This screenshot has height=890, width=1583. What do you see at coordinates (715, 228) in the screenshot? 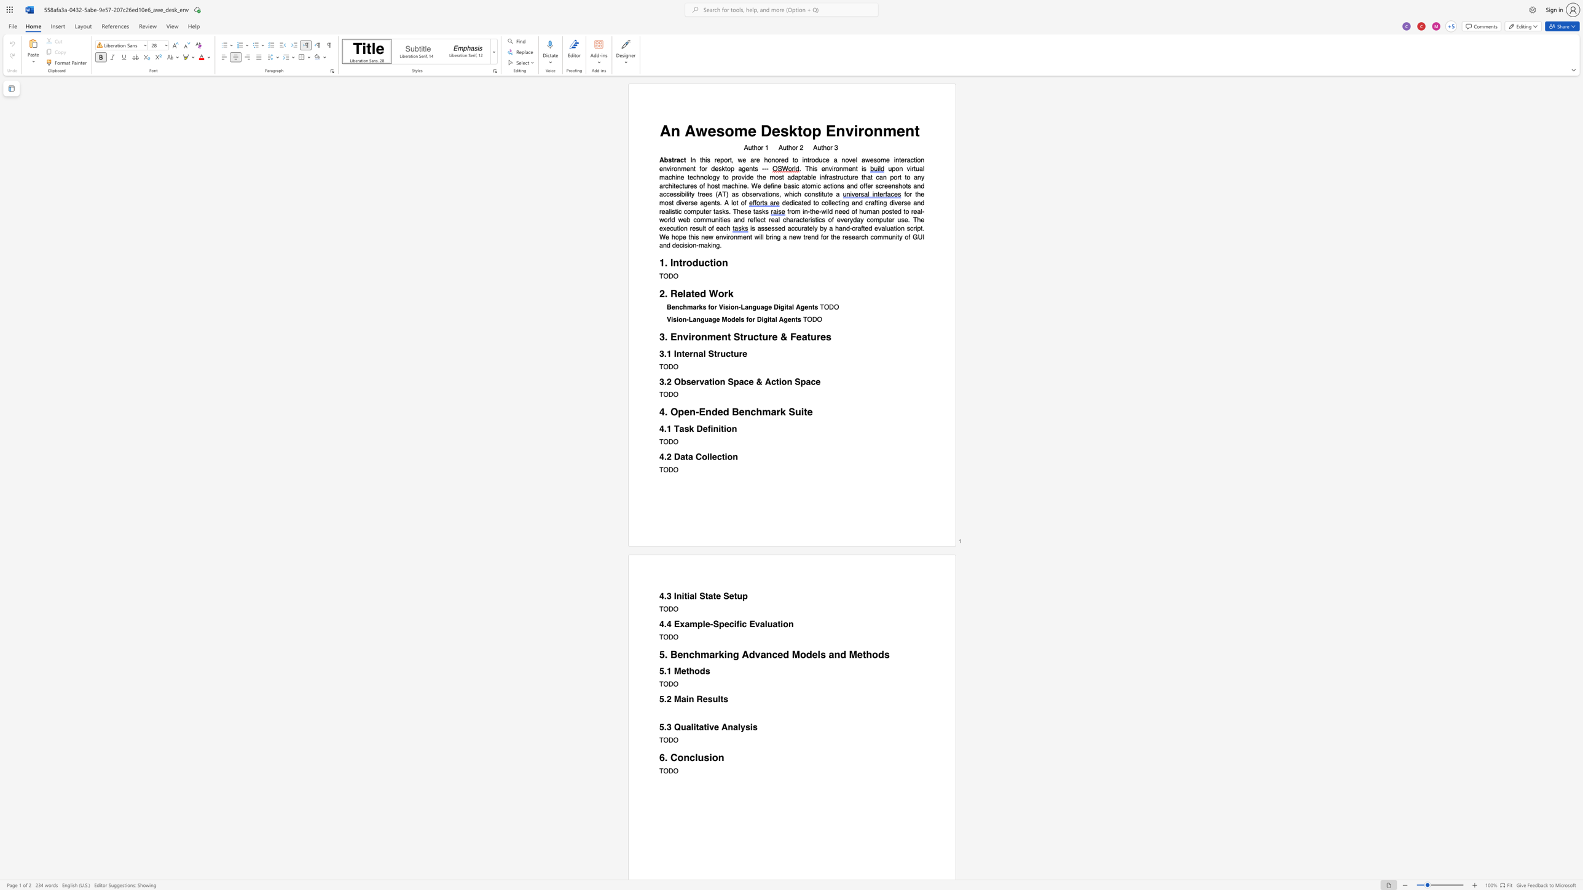
I see `the subset text "each" within the text "from in-the-wild need of human posted to real-world web communities and reflect real characteristics of everyday computer use. The execution result of each"` at bounding box center [715, 228].